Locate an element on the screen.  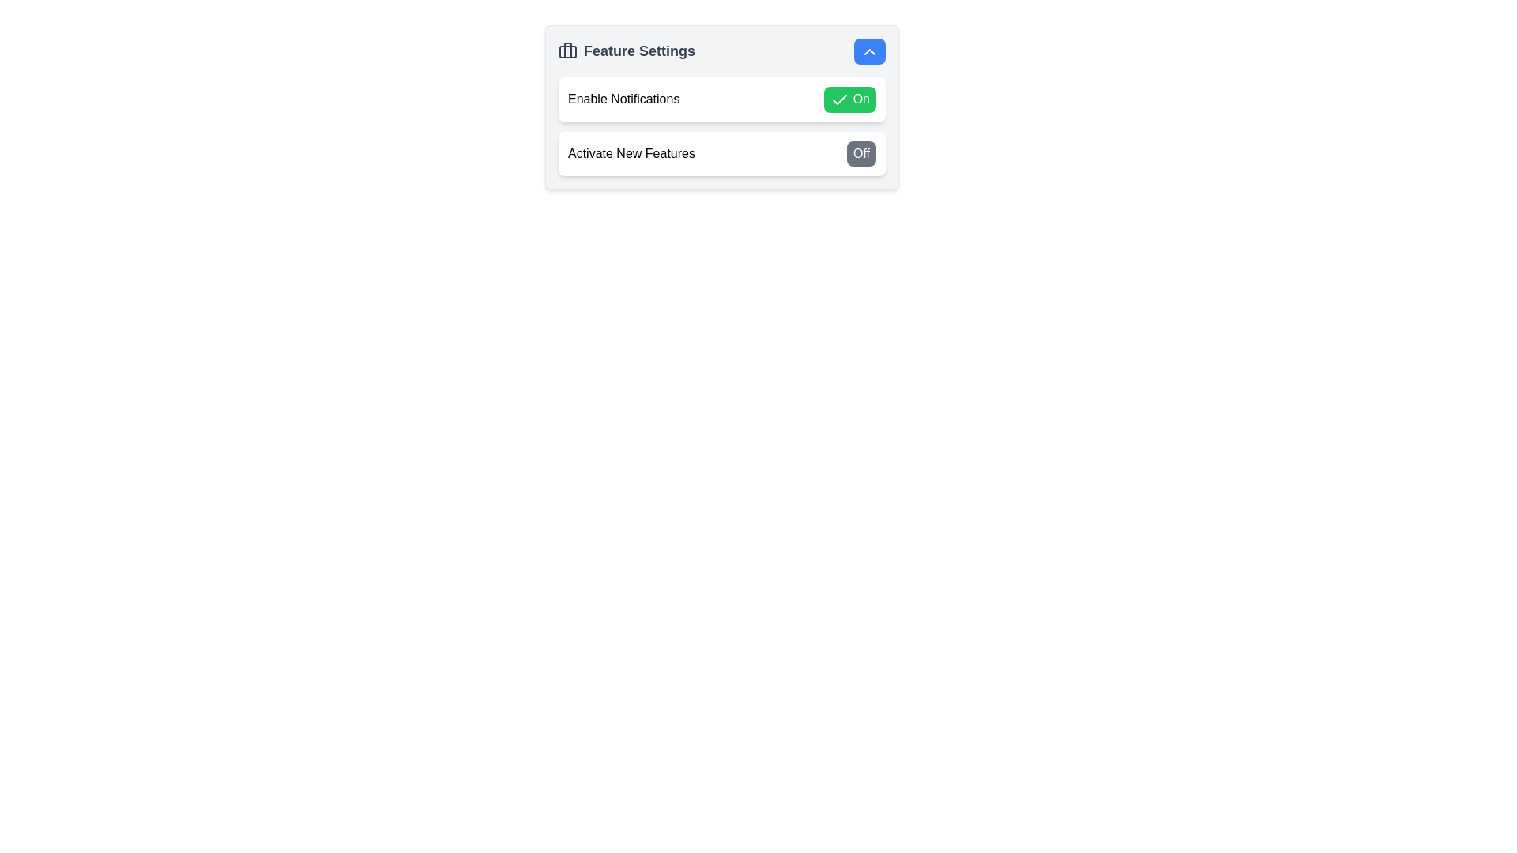
the bottom rectangular part of the briefcase icon within the 'Feature Settings' header is located at coordinates (568, 51).